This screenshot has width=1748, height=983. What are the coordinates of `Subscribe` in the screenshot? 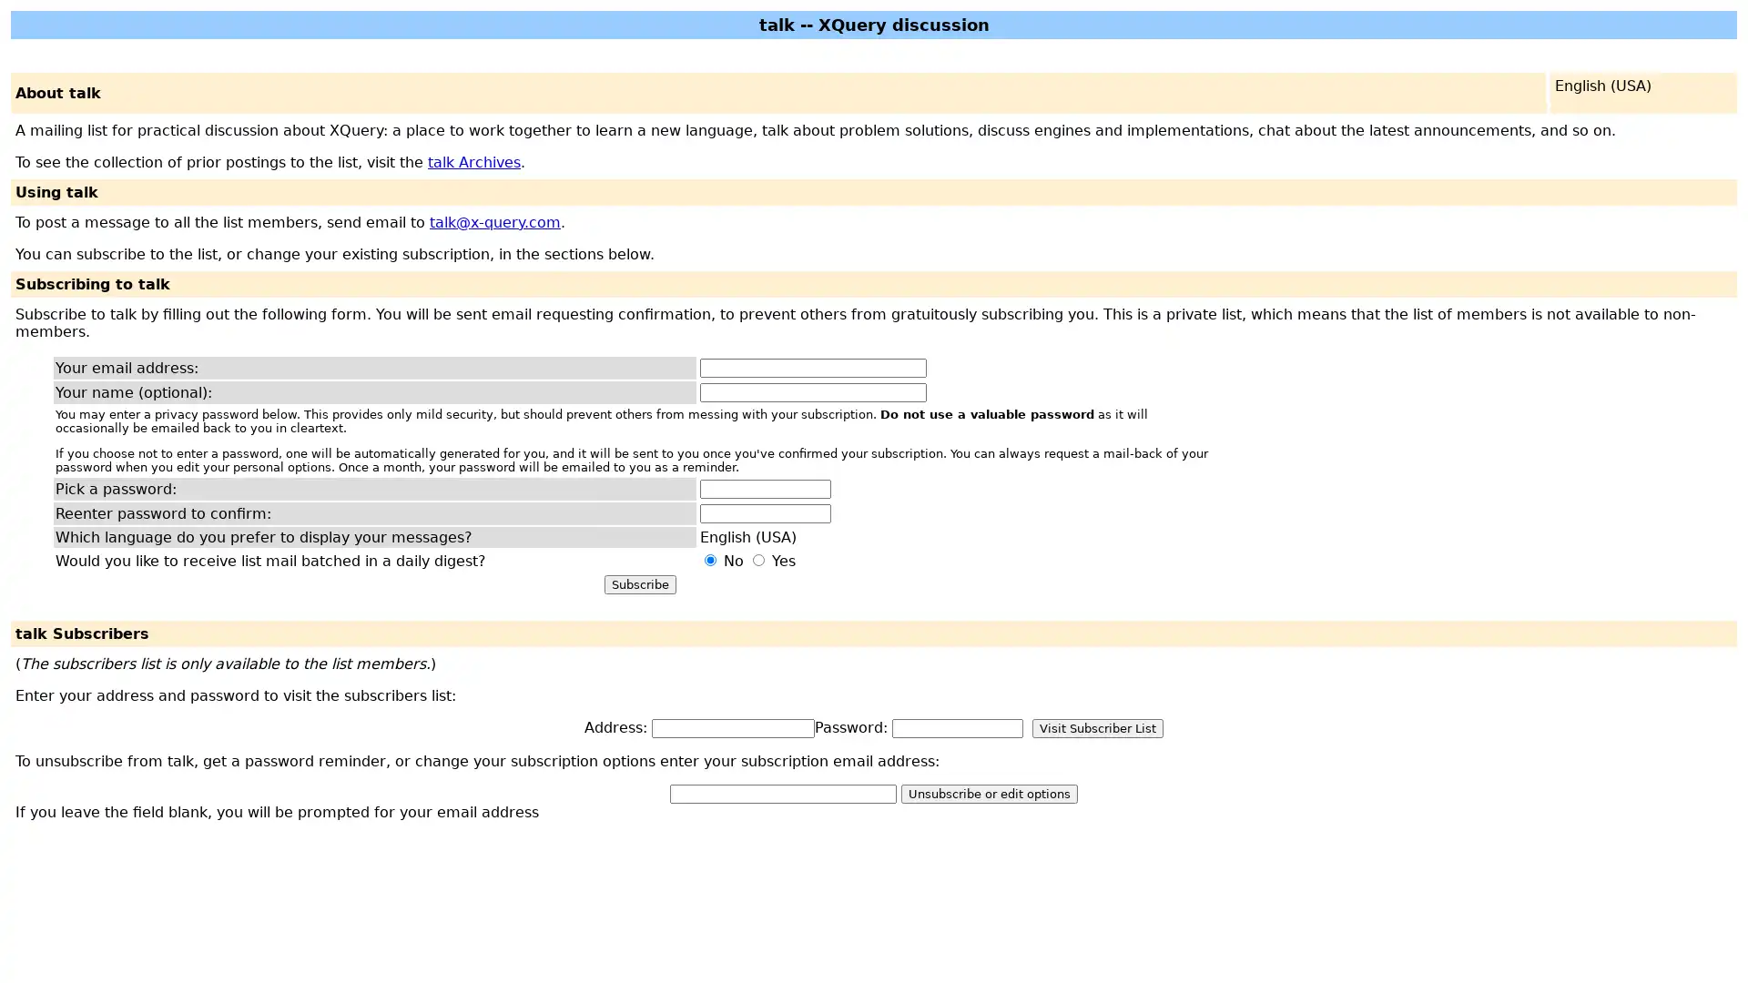 It's located at (639, 584).